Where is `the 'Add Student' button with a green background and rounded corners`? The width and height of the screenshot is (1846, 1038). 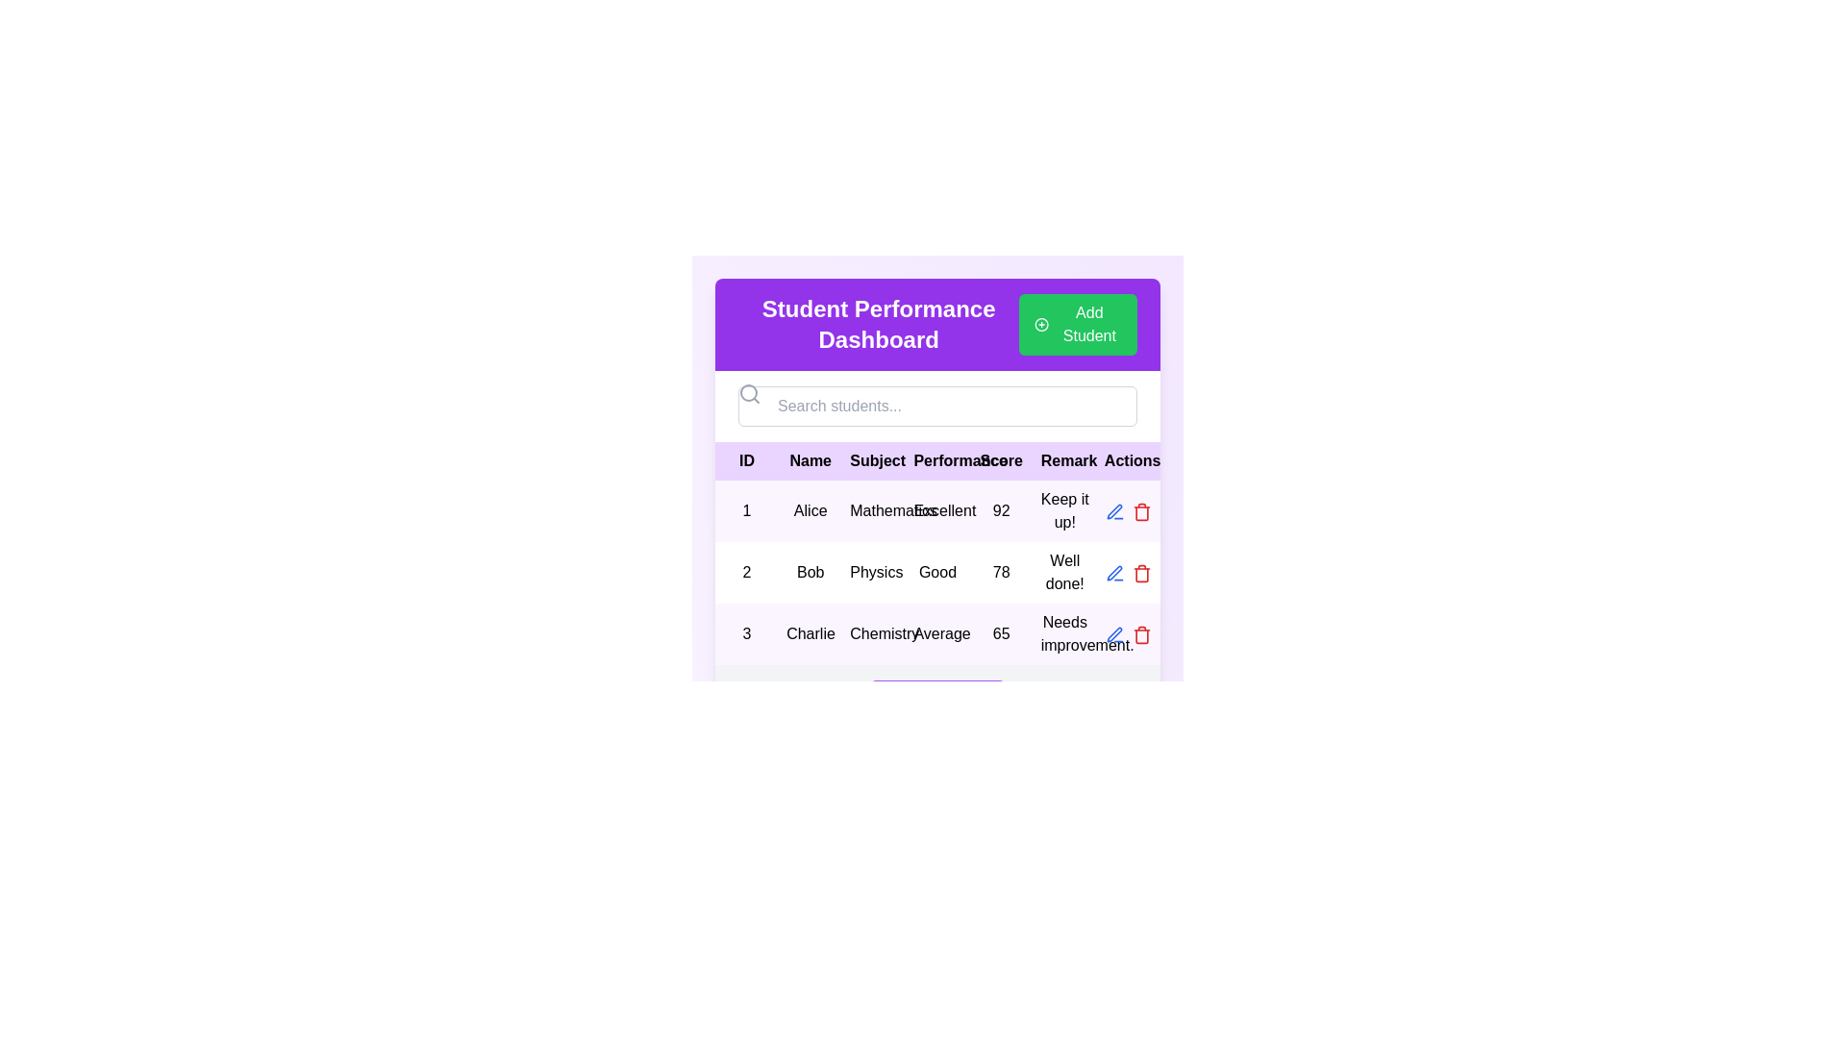
the 'Add Student' button with a green background and rounded corners is located at coordinates (1078, 324).